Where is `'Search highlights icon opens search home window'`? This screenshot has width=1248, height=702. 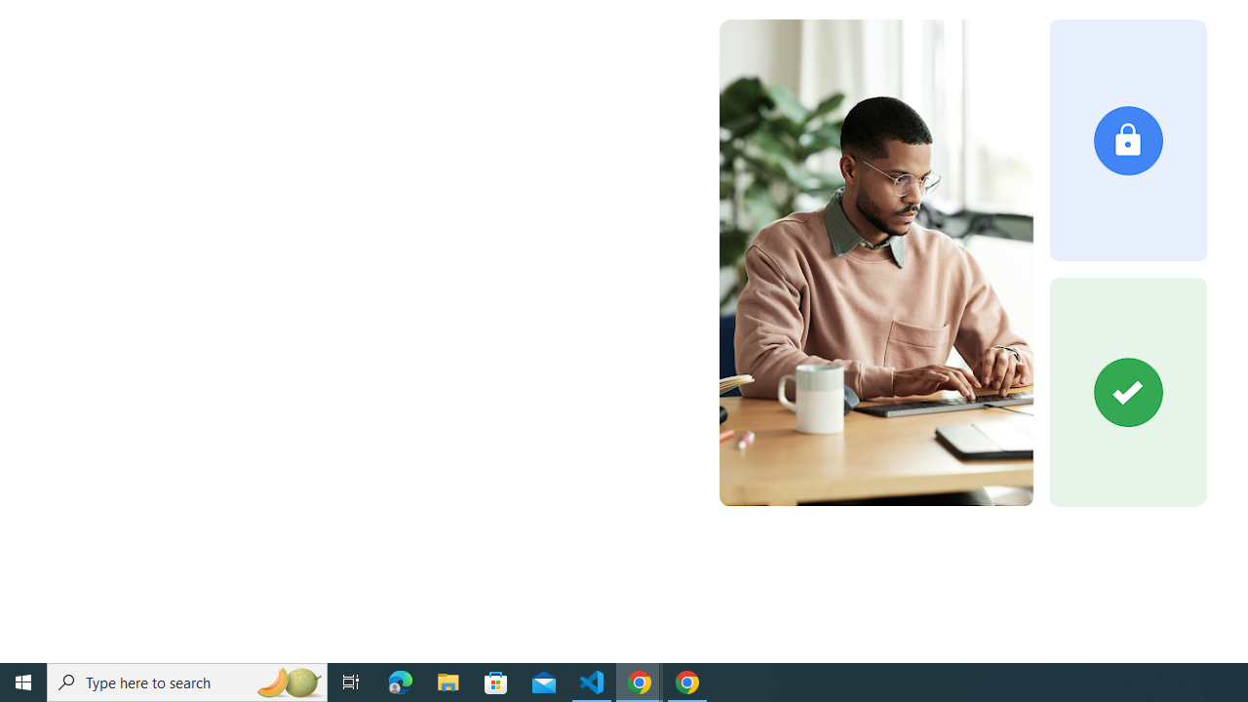 'Search highlights icon opens search home window' is located at coordinates (287, 681).